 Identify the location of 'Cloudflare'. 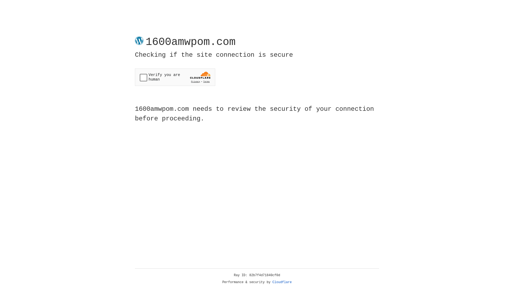
(272, 282).